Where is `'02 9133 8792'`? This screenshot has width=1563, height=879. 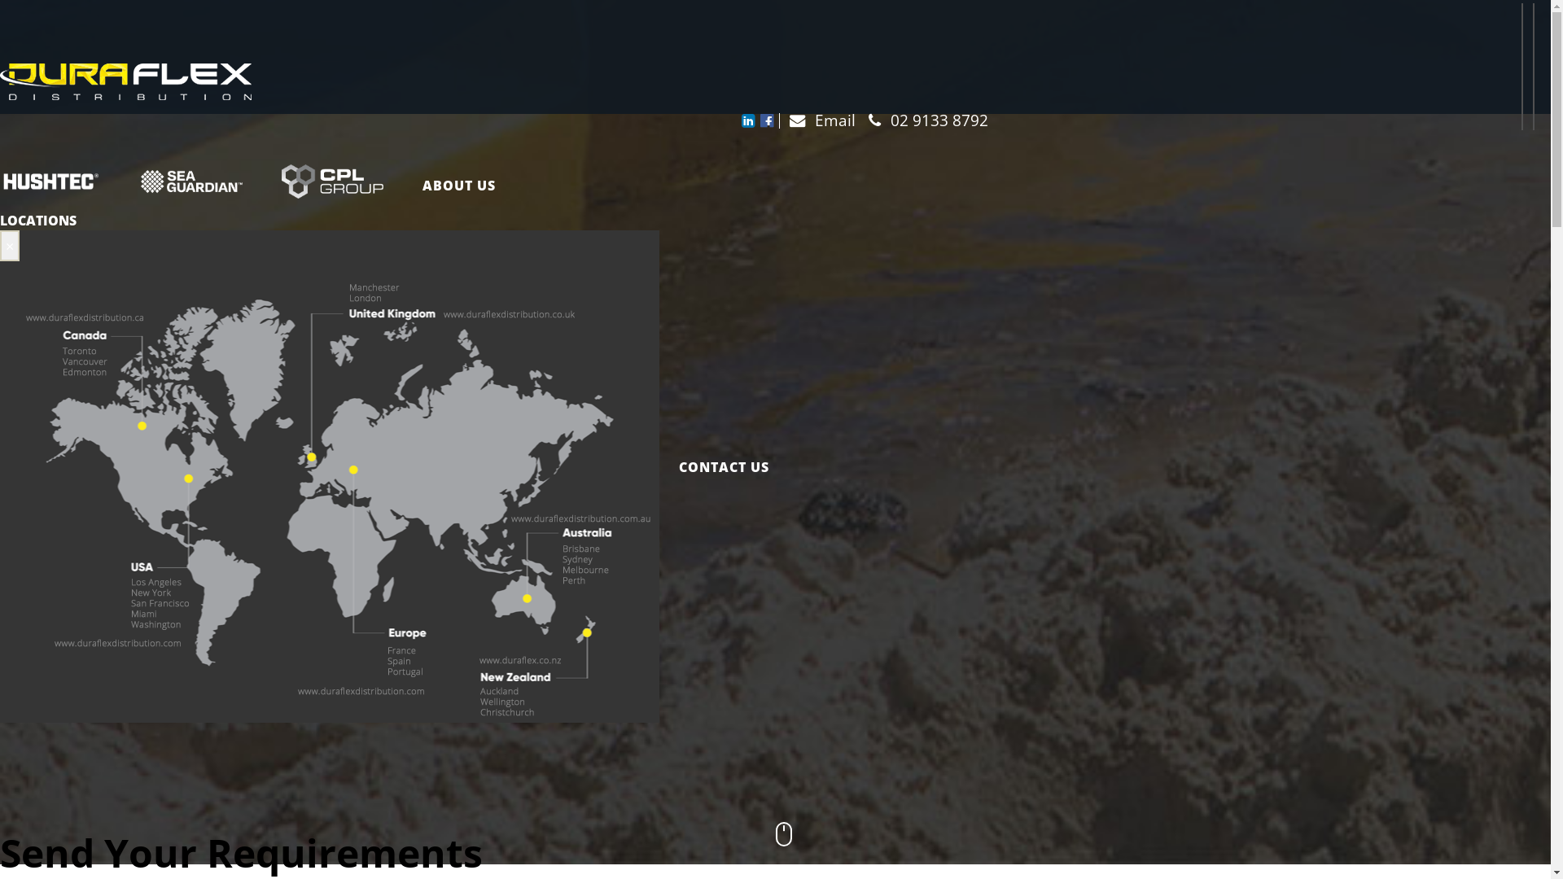 '02 9133 8792' is located at coordinates (923, 119).